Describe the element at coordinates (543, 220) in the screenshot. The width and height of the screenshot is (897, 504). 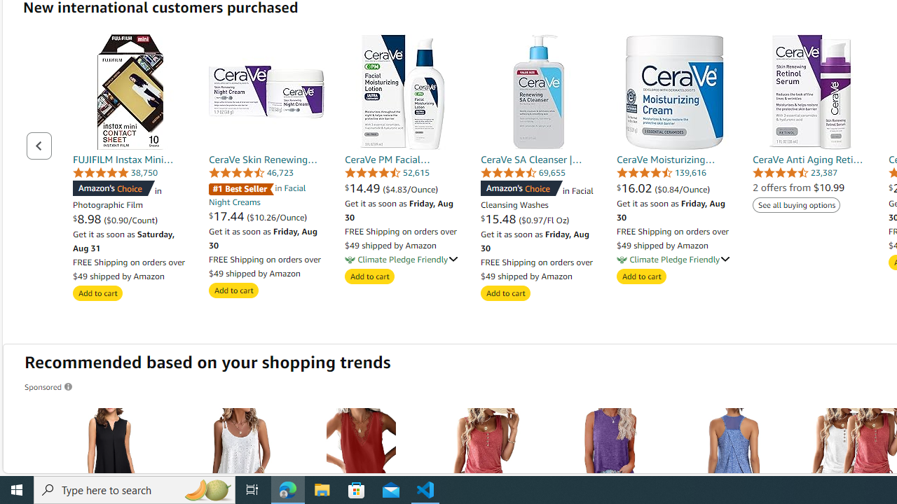
I see `'($0.97/Fl Oz)'` at that location.